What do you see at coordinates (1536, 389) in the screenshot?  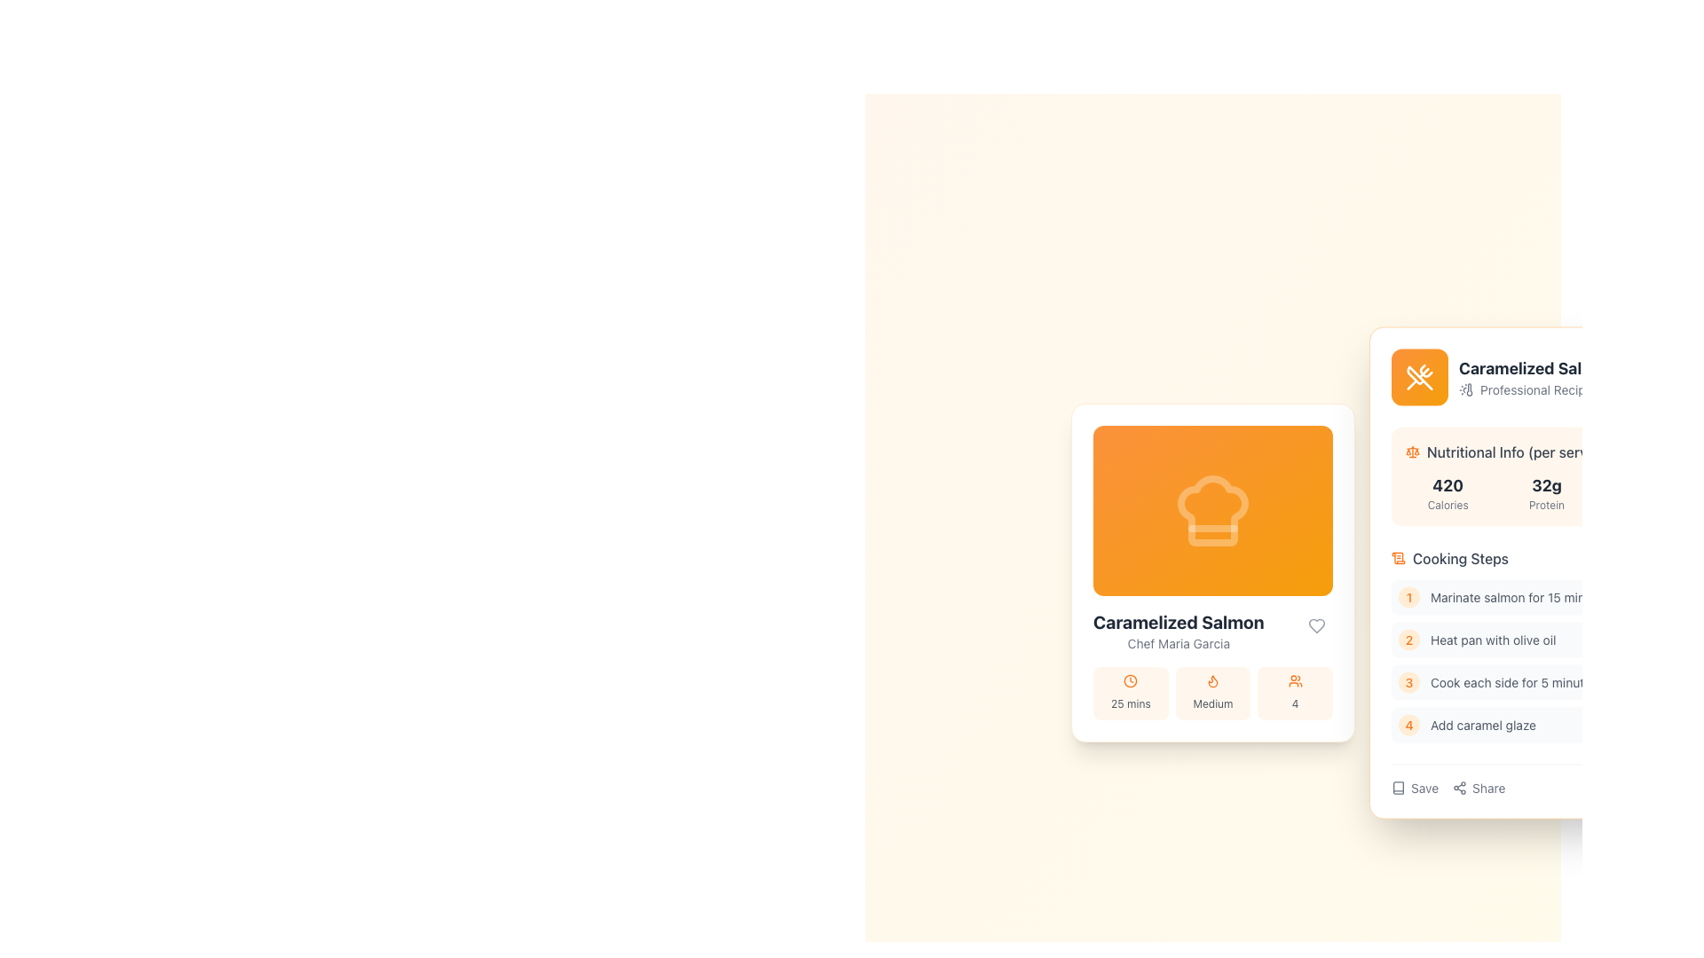 I see `the 'Professional Recipe' text label with the accompanying thermometer sun icon` at bounding box center [1536, 389].